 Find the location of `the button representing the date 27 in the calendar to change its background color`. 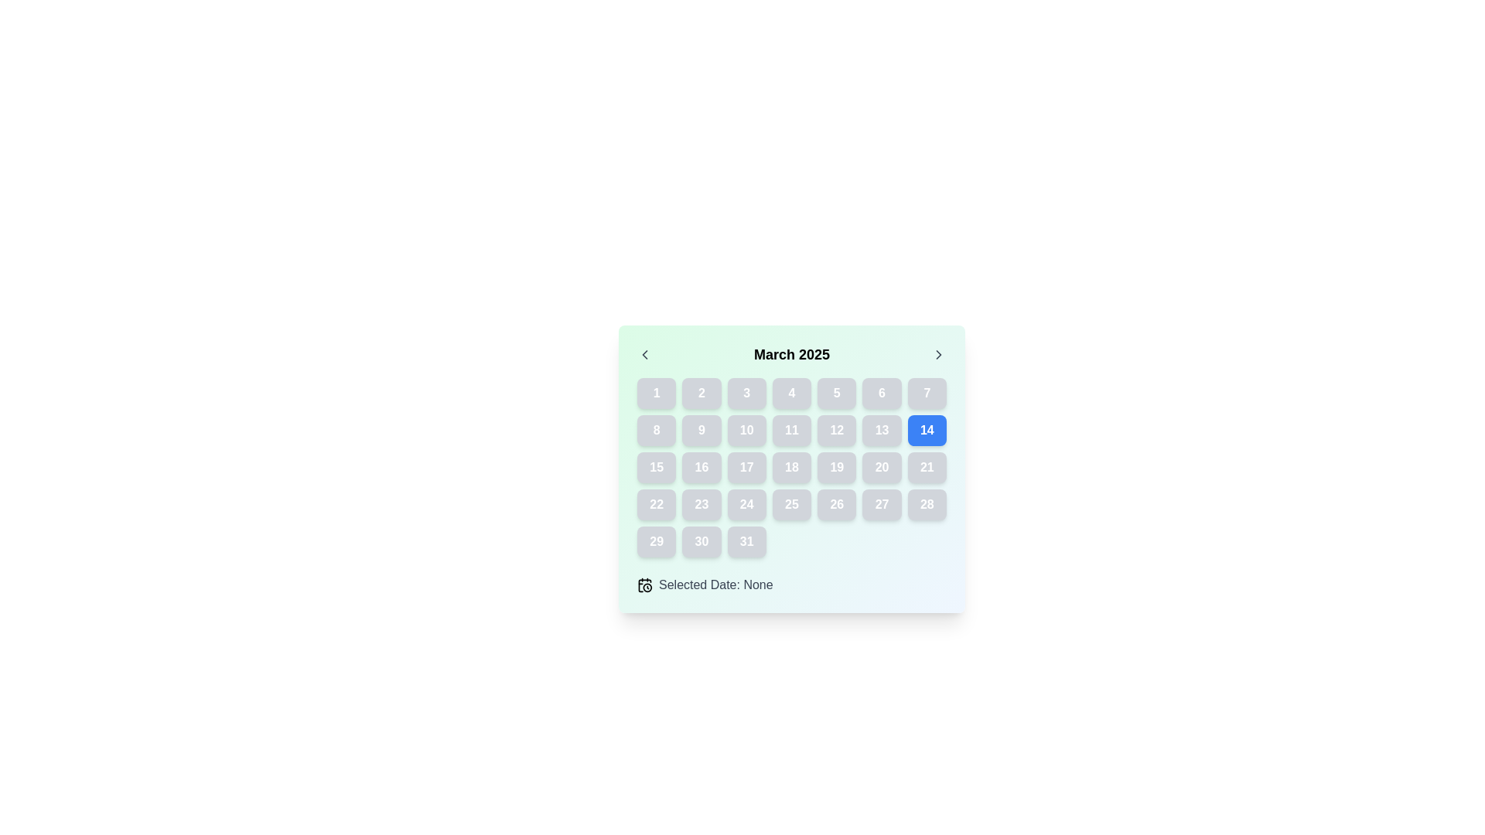

the button representing the date 27 in the calendar to change its background color is located at coordinates (882, 504).